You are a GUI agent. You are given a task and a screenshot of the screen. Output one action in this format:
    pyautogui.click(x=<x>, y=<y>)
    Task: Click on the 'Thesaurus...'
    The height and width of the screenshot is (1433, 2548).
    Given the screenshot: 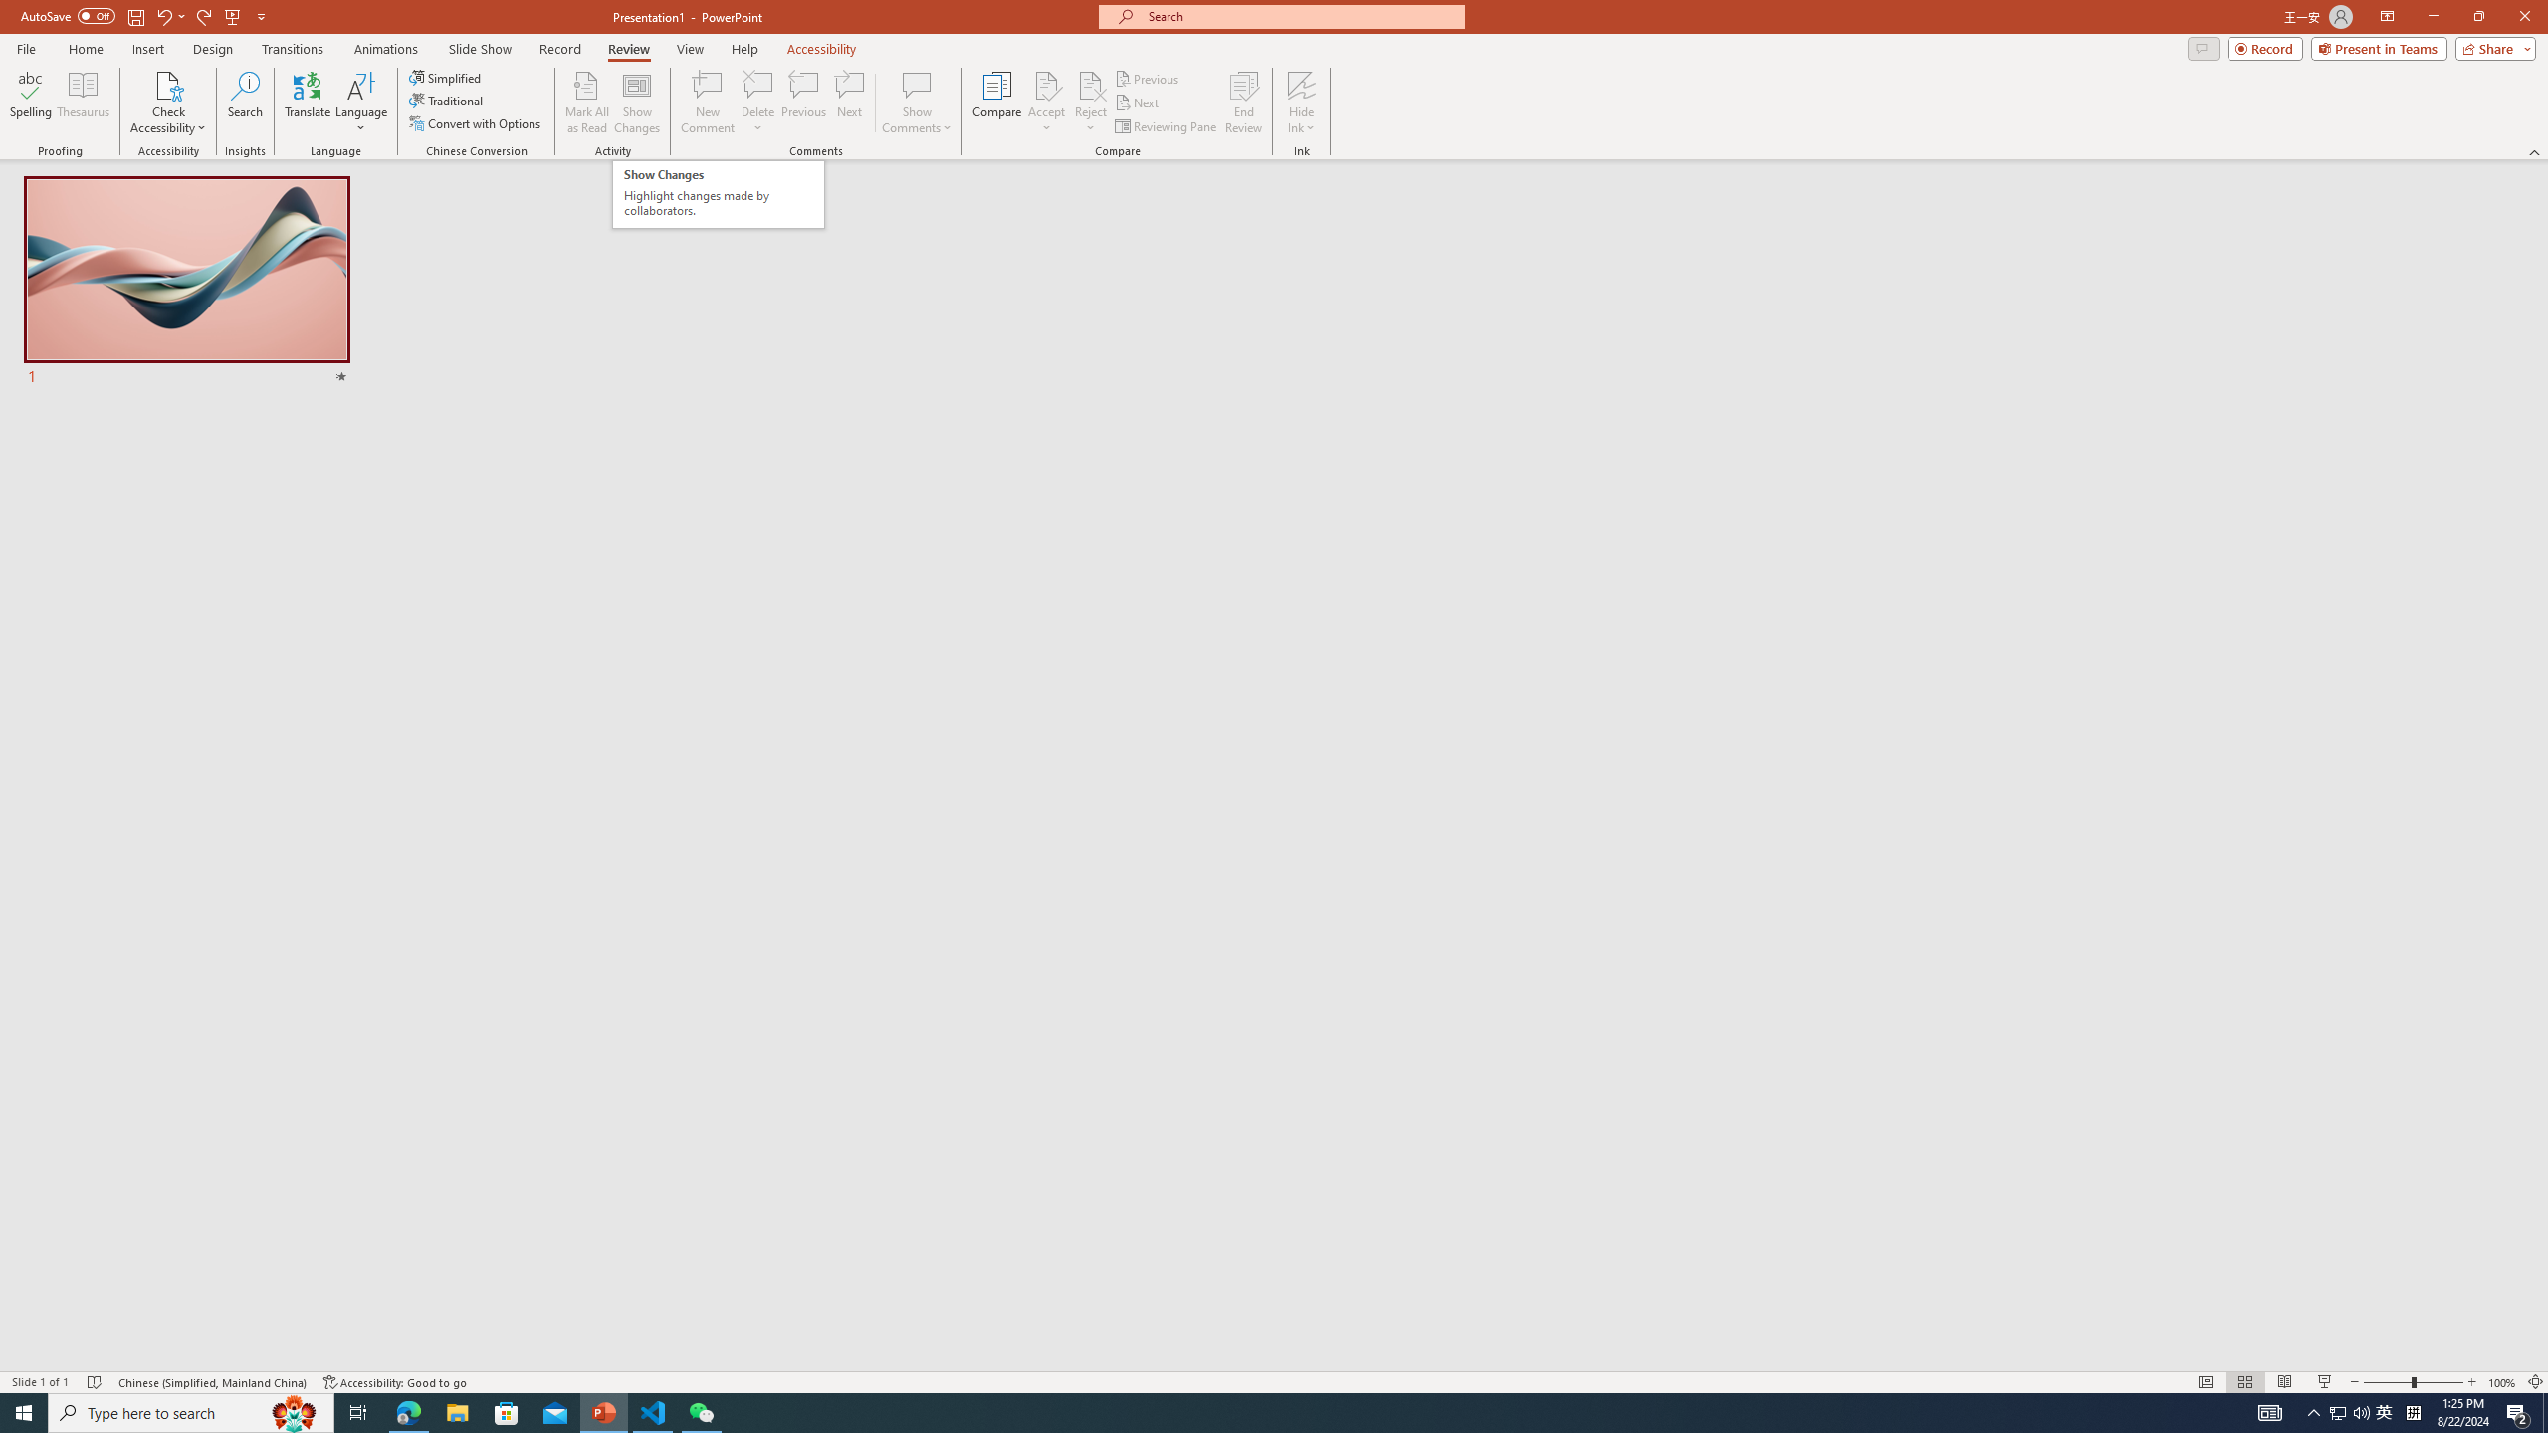 What is the action you would take?
    pyautogui.click(x=82, y=102)
    